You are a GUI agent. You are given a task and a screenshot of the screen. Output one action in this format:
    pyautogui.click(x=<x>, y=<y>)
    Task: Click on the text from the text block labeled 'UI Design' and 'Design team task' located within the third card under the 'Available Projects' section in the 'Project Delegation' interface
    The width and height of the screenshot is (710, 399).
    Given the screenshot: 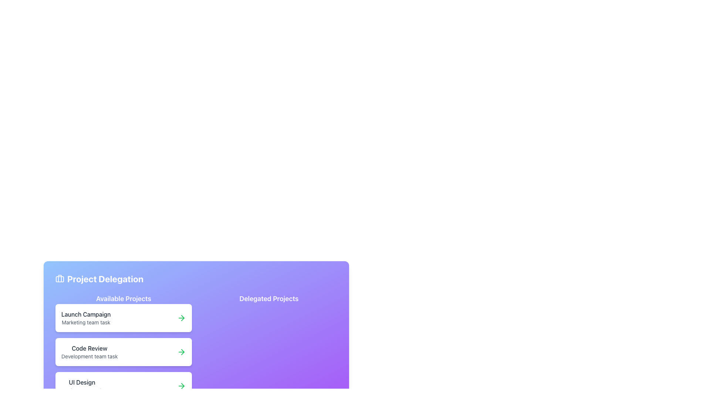 What is the action you would take?
    pyautogui.click(x=82, y=386)
    